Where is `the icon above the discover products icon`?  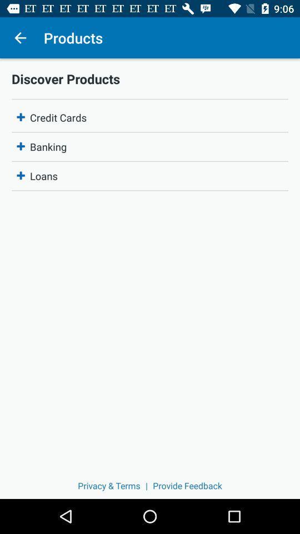 the icon above the discover products icon is located at coordinates (20, 38).